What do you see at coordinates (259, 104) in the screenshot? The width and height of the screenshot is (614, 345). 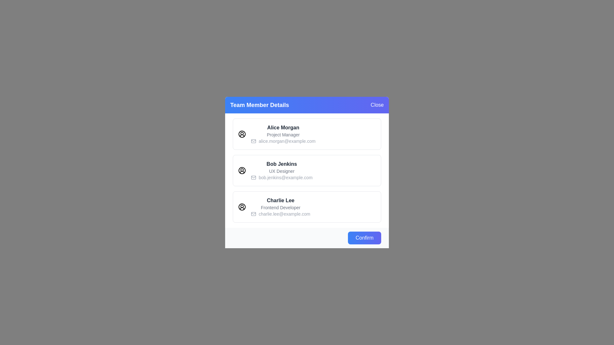 I see `the text label indicating details about team members, located in the top-left portion of the modal header, next to the 'Close' button` at bounding box center [259, 104].